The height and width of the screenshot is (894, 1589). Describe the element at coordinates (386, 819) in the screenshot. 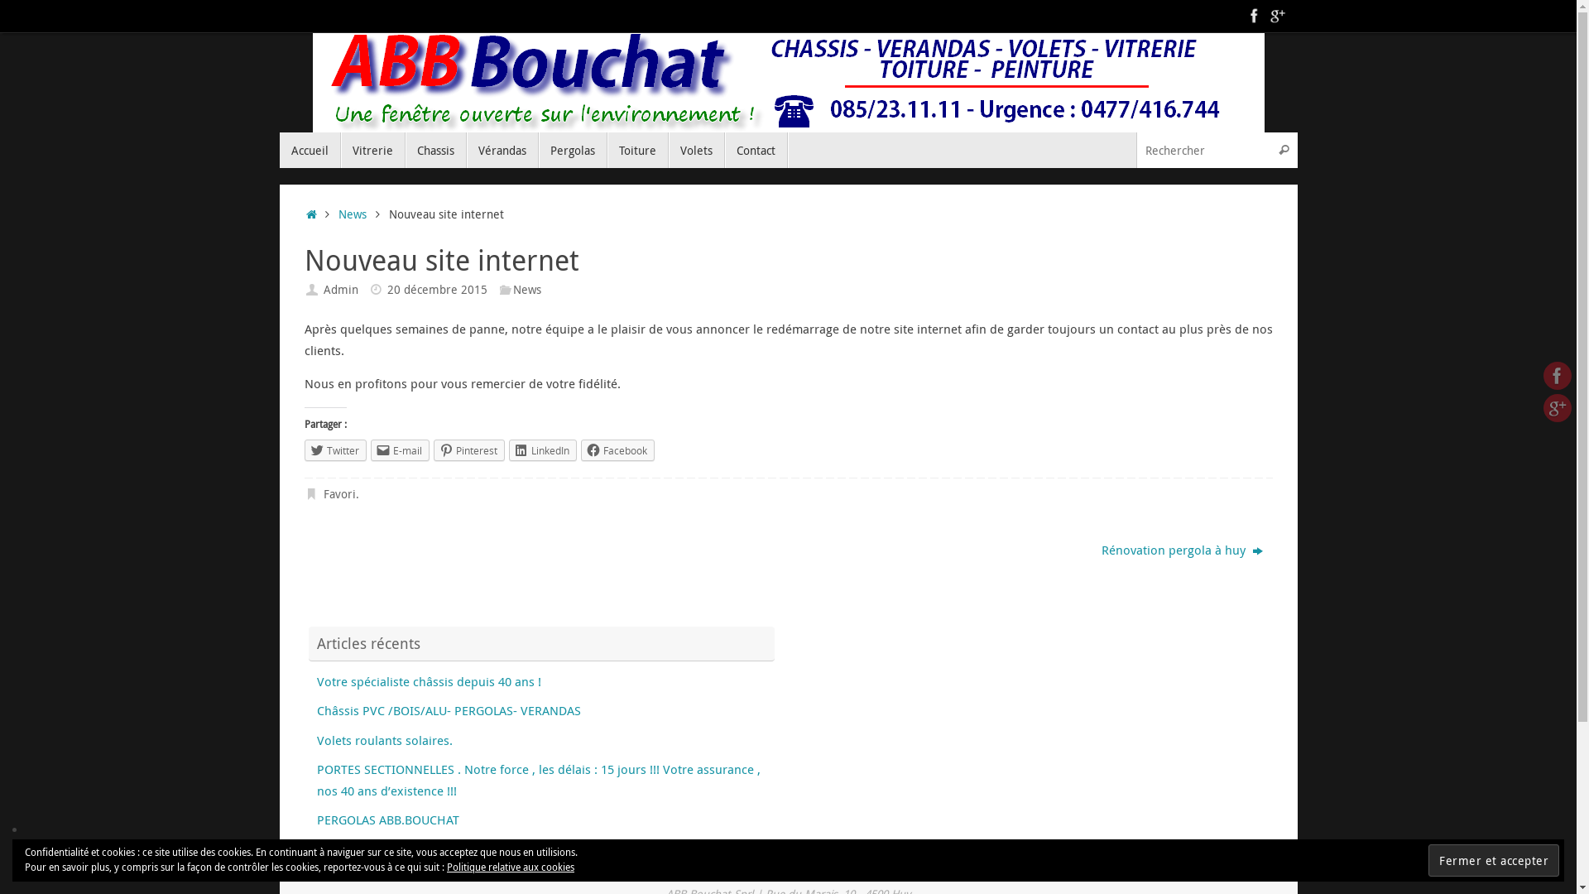

I see `'PERGOLAS ABB.BOUCHAT'` at that location.